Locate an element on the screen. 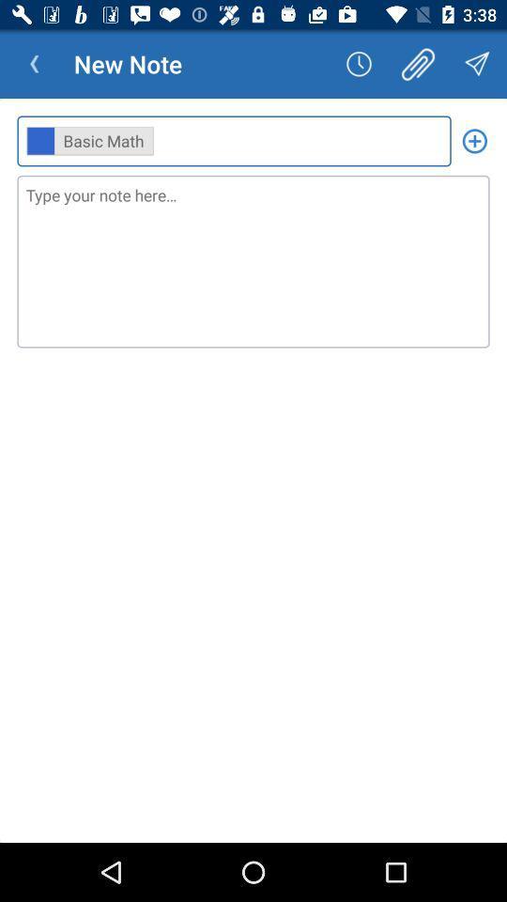  app next to the new note item is located at coordinates (34, 64).